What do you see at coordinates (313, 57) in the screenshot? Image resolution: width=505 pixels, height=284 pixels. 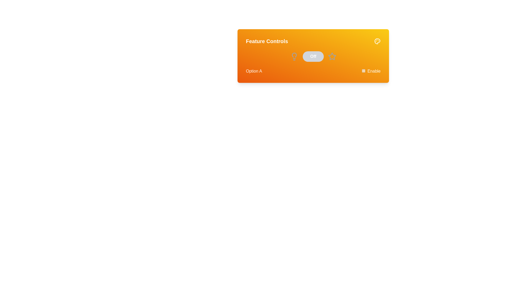 I see `the 'Off' button with a gray background and bold white text` at bounding box center [313, 57].